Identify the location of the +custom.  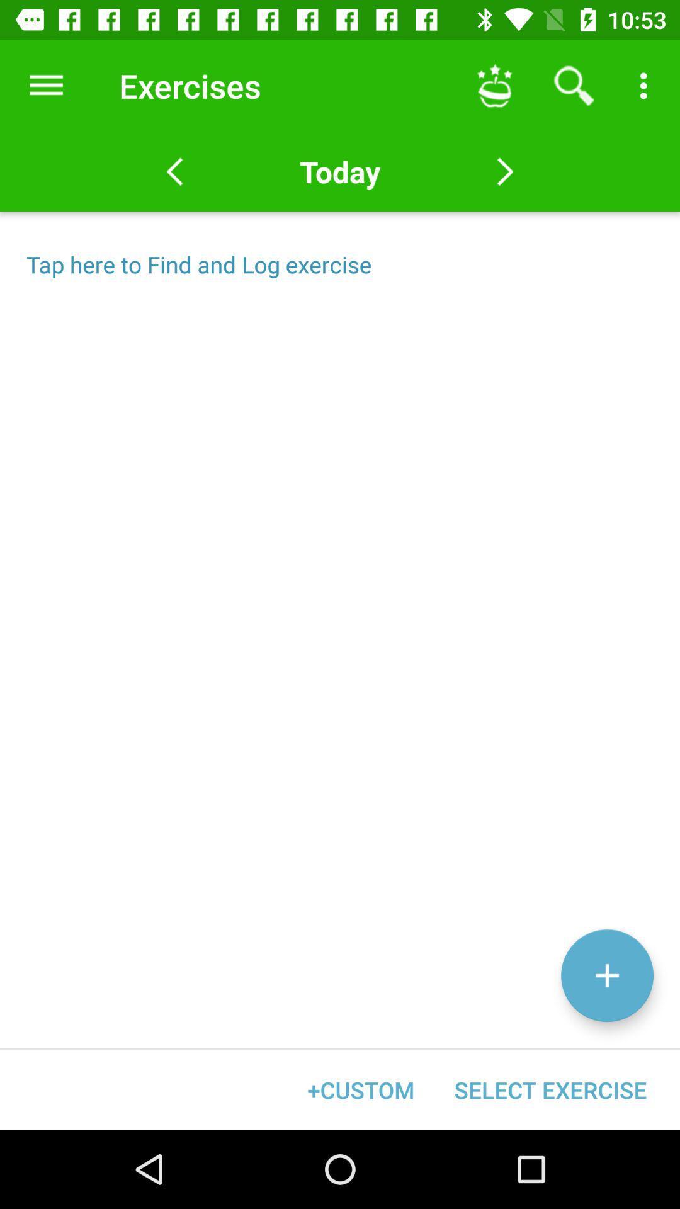
(361, 1089).